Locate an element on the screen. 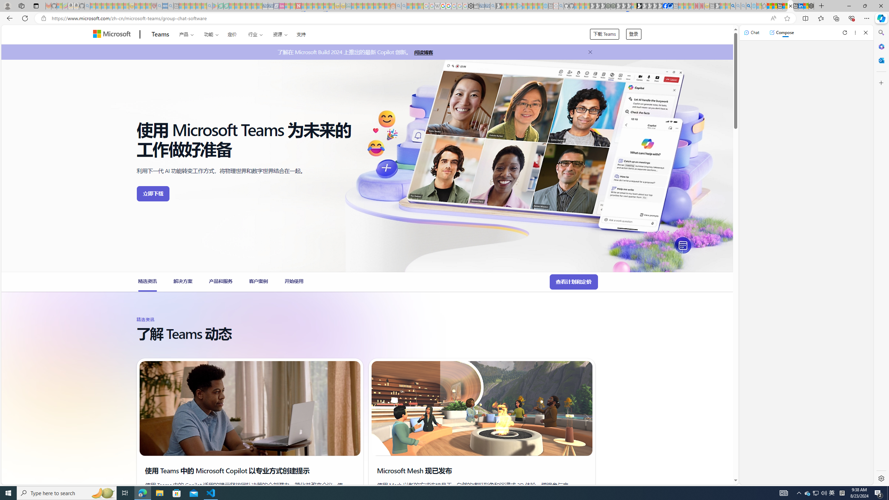 The height and width of the screenshot is (500, 889). 'Bing Real Estate - Home sales and rental listings - Sleeping' is located at coordinates (492, 6).